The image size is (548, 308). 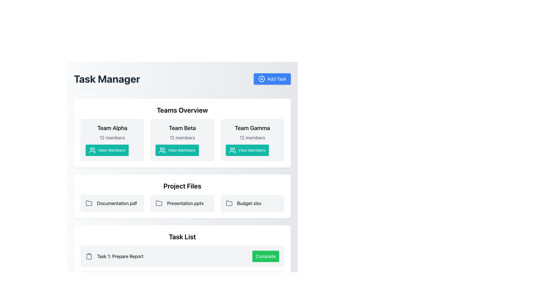 I want to click on the folder icon in the 'Project Files' section, which is located above the 'Documentation.pdf' label and features a rounded top flap and a thick border, so click(x=159, y=203).